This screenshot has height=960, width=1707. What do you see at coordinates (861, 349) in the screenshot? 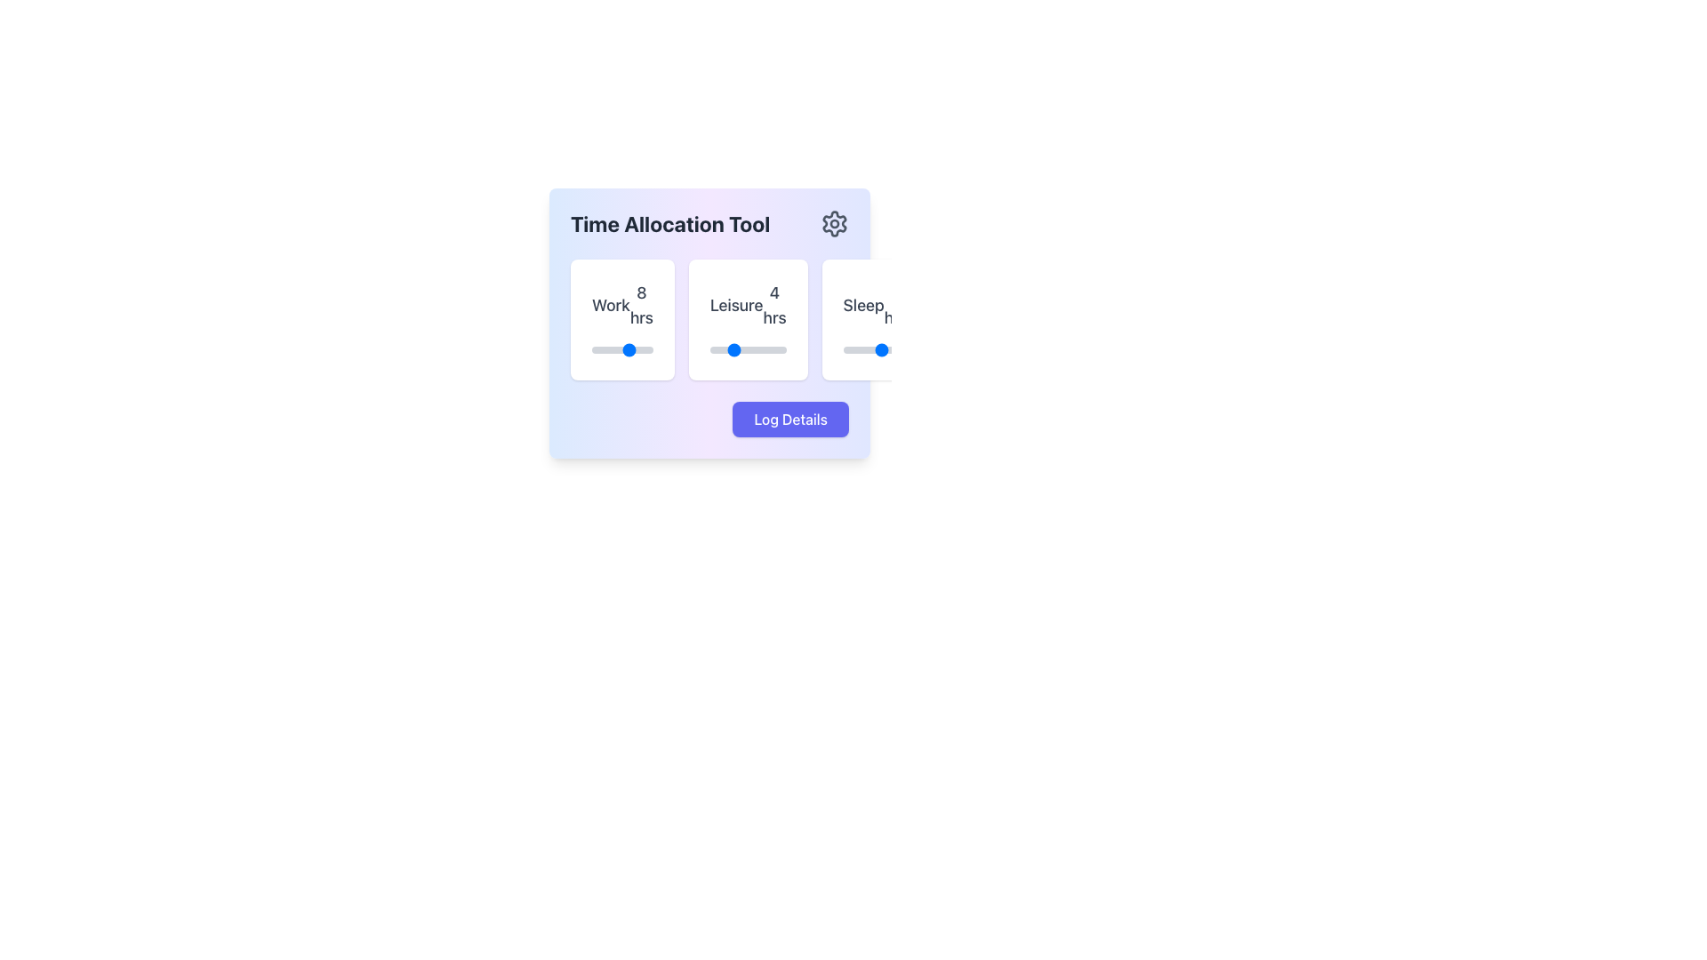
I see `sleep hours` at bounding box center [861, 349].